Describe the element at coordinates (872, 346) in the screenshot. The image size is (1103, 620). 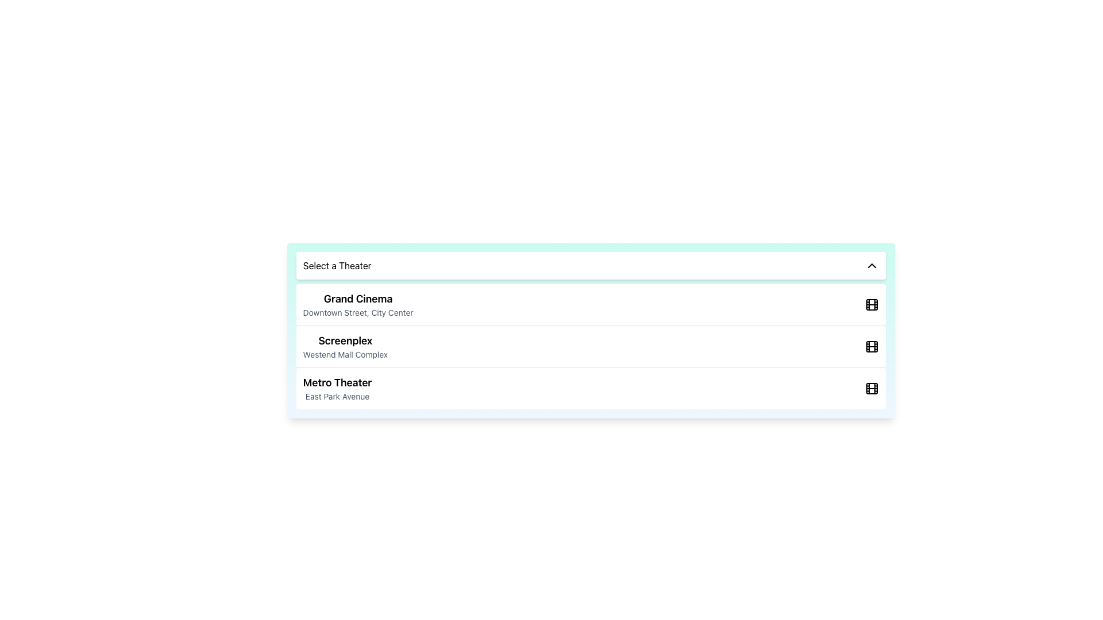
I see `the central rectangle of the film-strip icon associated with the 'Screenplex' row in the dropdown list of theaters` at that location.